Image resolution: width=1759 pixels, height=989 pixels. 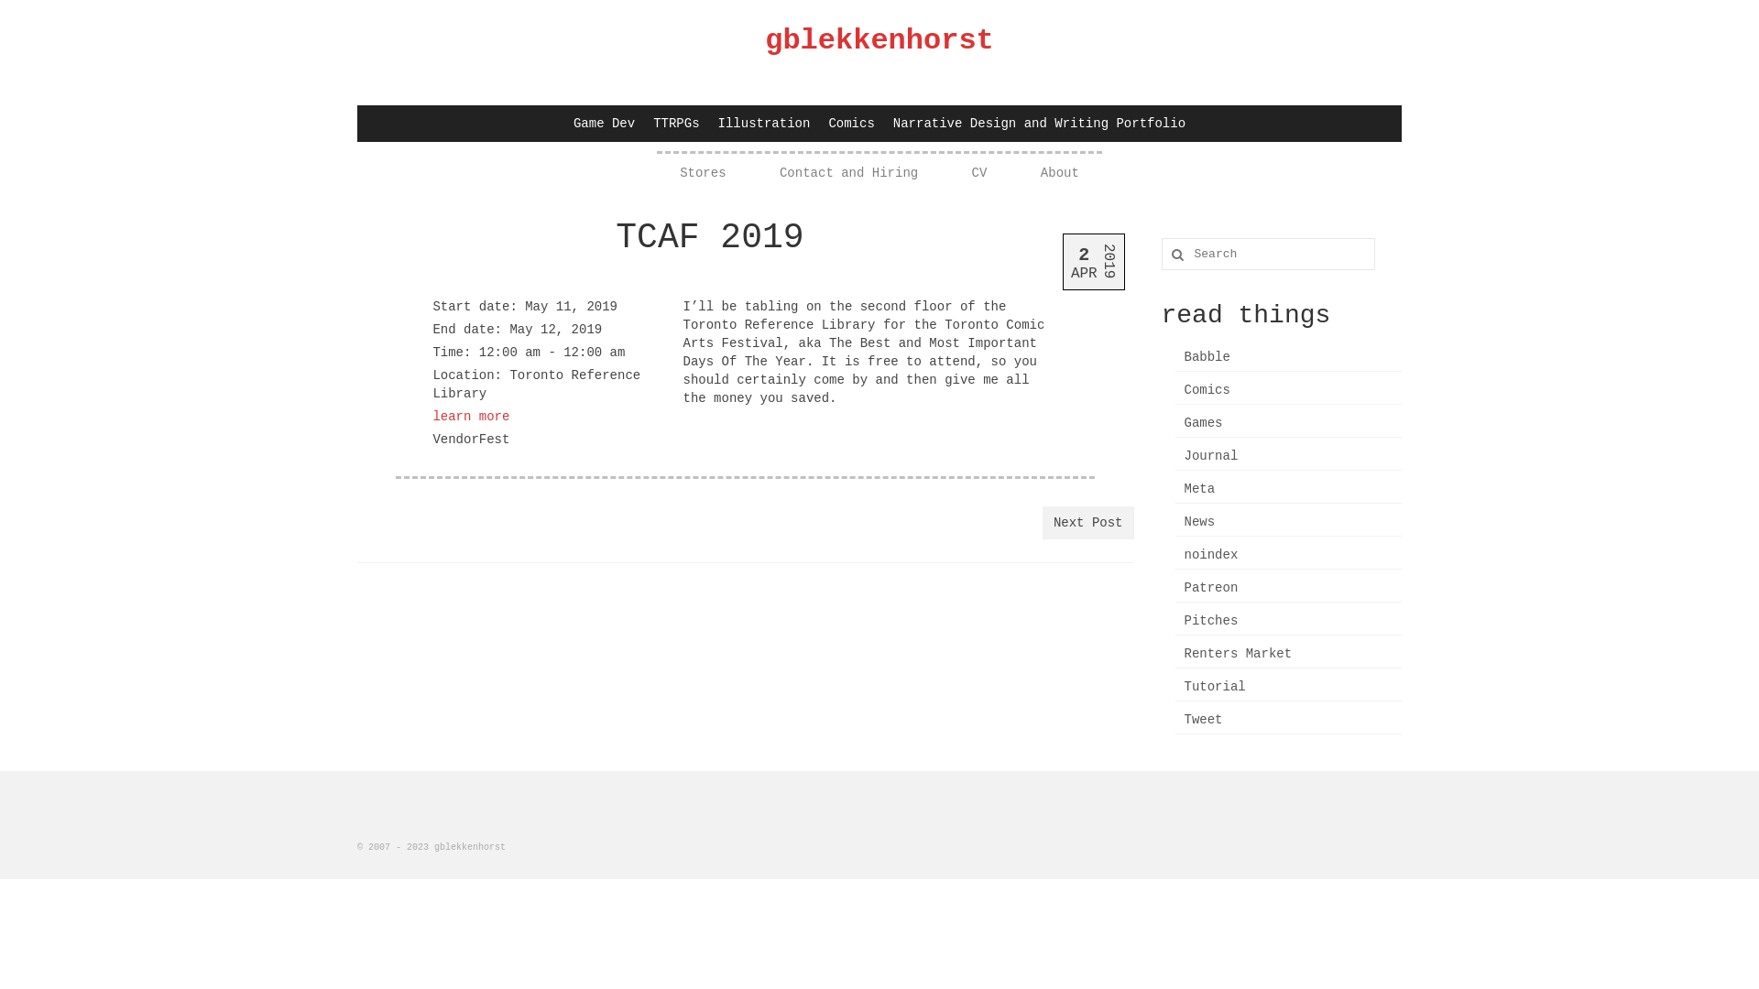 What do you see at coordinates (850, 124) in the screenshot?
I see `'Comics'` at bounding box center [850, 124].